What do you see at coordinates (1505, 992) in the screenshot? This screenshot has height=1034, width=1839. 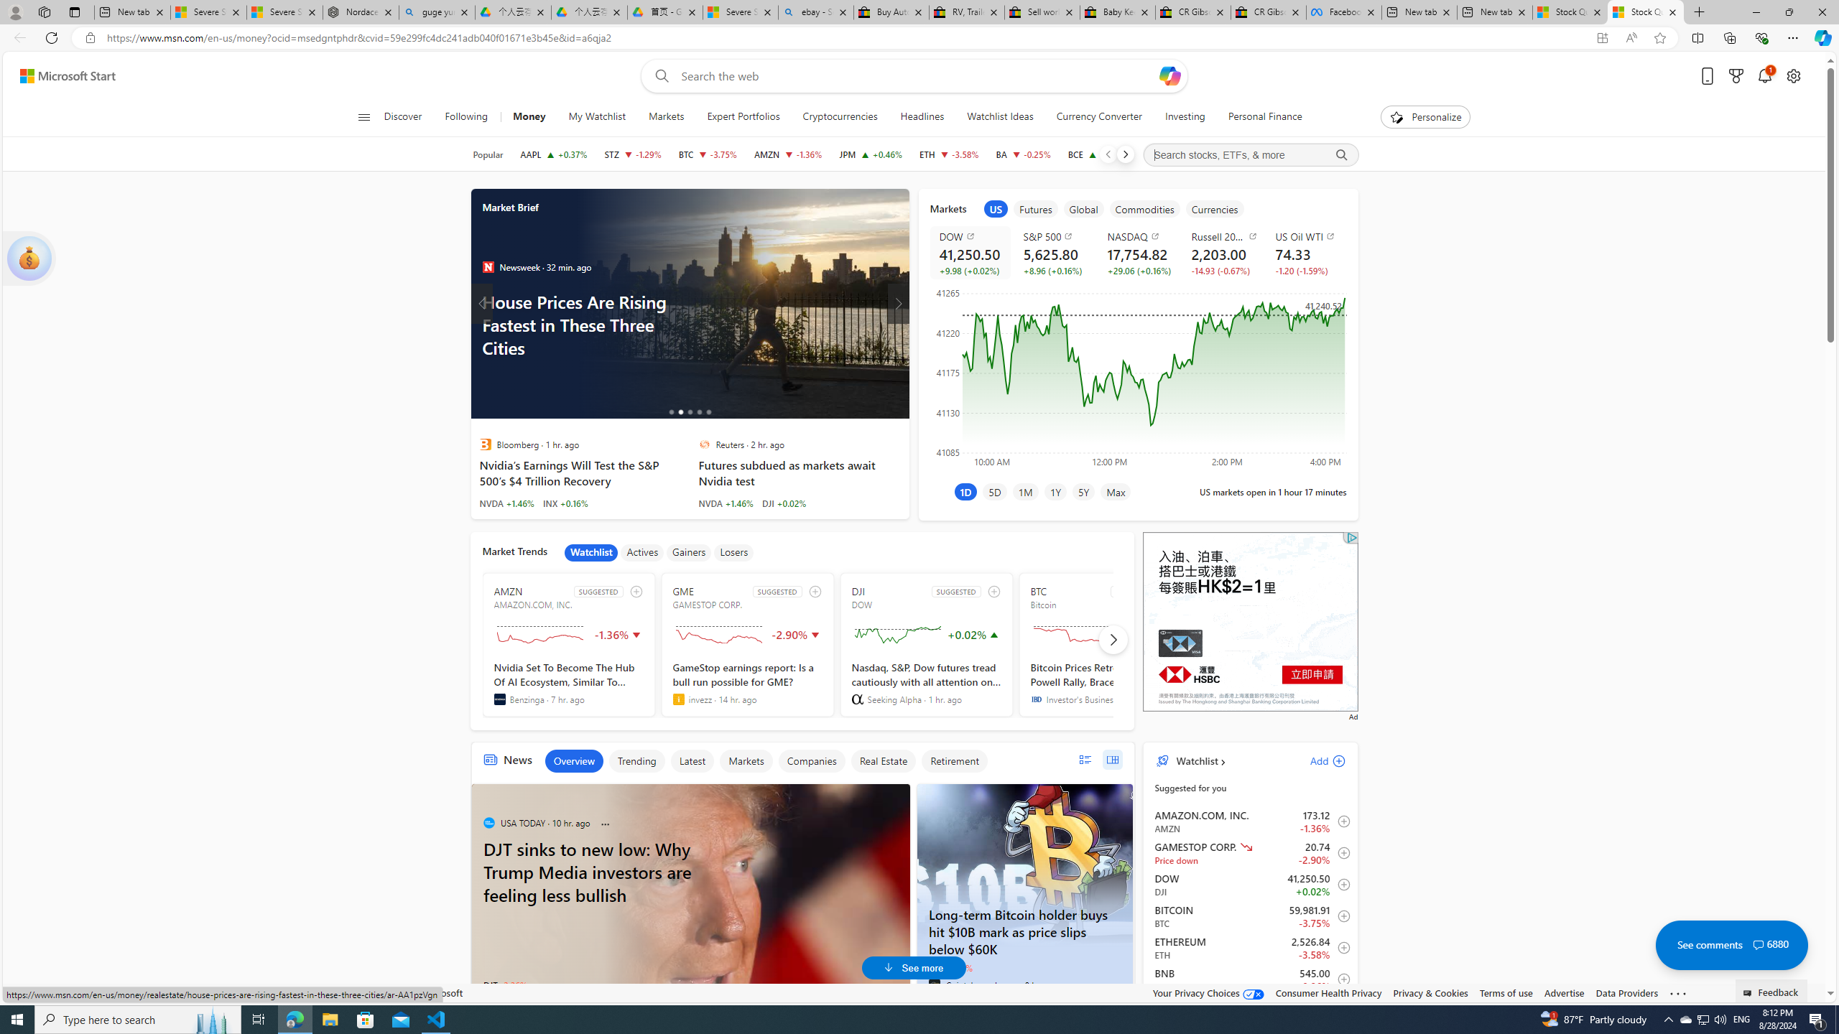 I see `'Terms of use'` at bounding box center [1505, 992].